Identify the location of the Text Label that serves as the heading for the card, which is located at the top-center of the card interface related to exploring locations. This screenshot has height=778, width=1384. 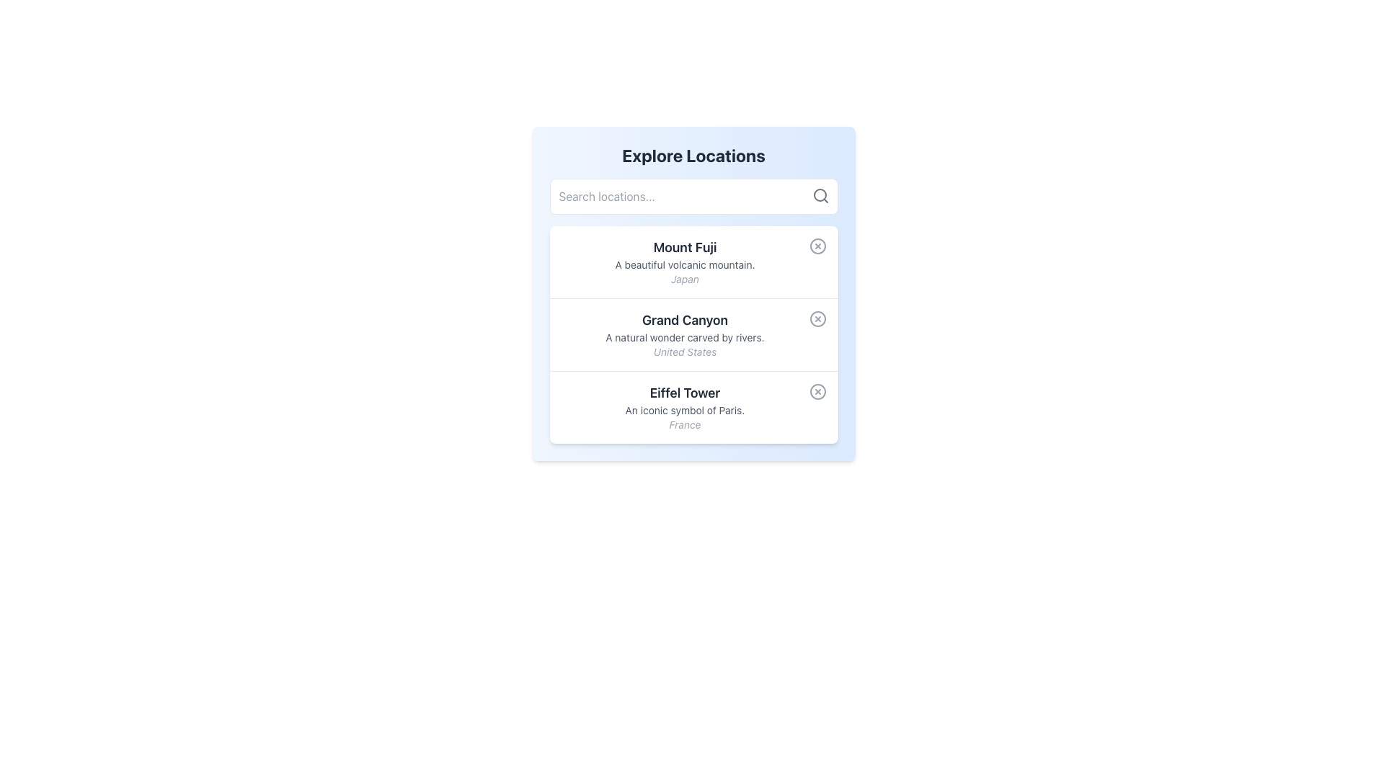
(693, 156).